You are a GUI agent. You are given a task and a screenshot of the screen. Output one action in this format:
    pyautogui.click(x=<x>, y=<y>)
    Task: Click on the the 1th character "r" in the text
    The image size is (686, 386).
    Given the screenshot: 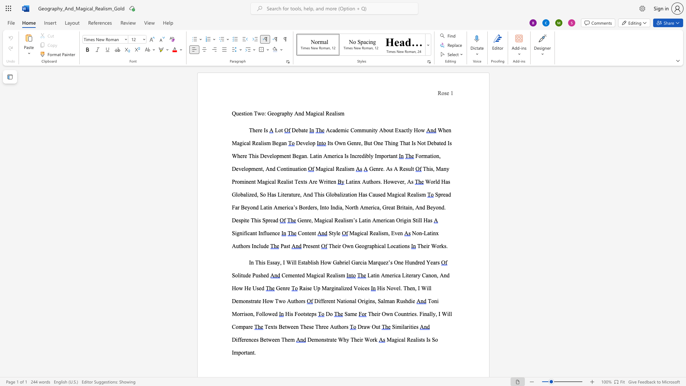 What is the action you would take?
    pyautogui.click(x=308, y=220)
    